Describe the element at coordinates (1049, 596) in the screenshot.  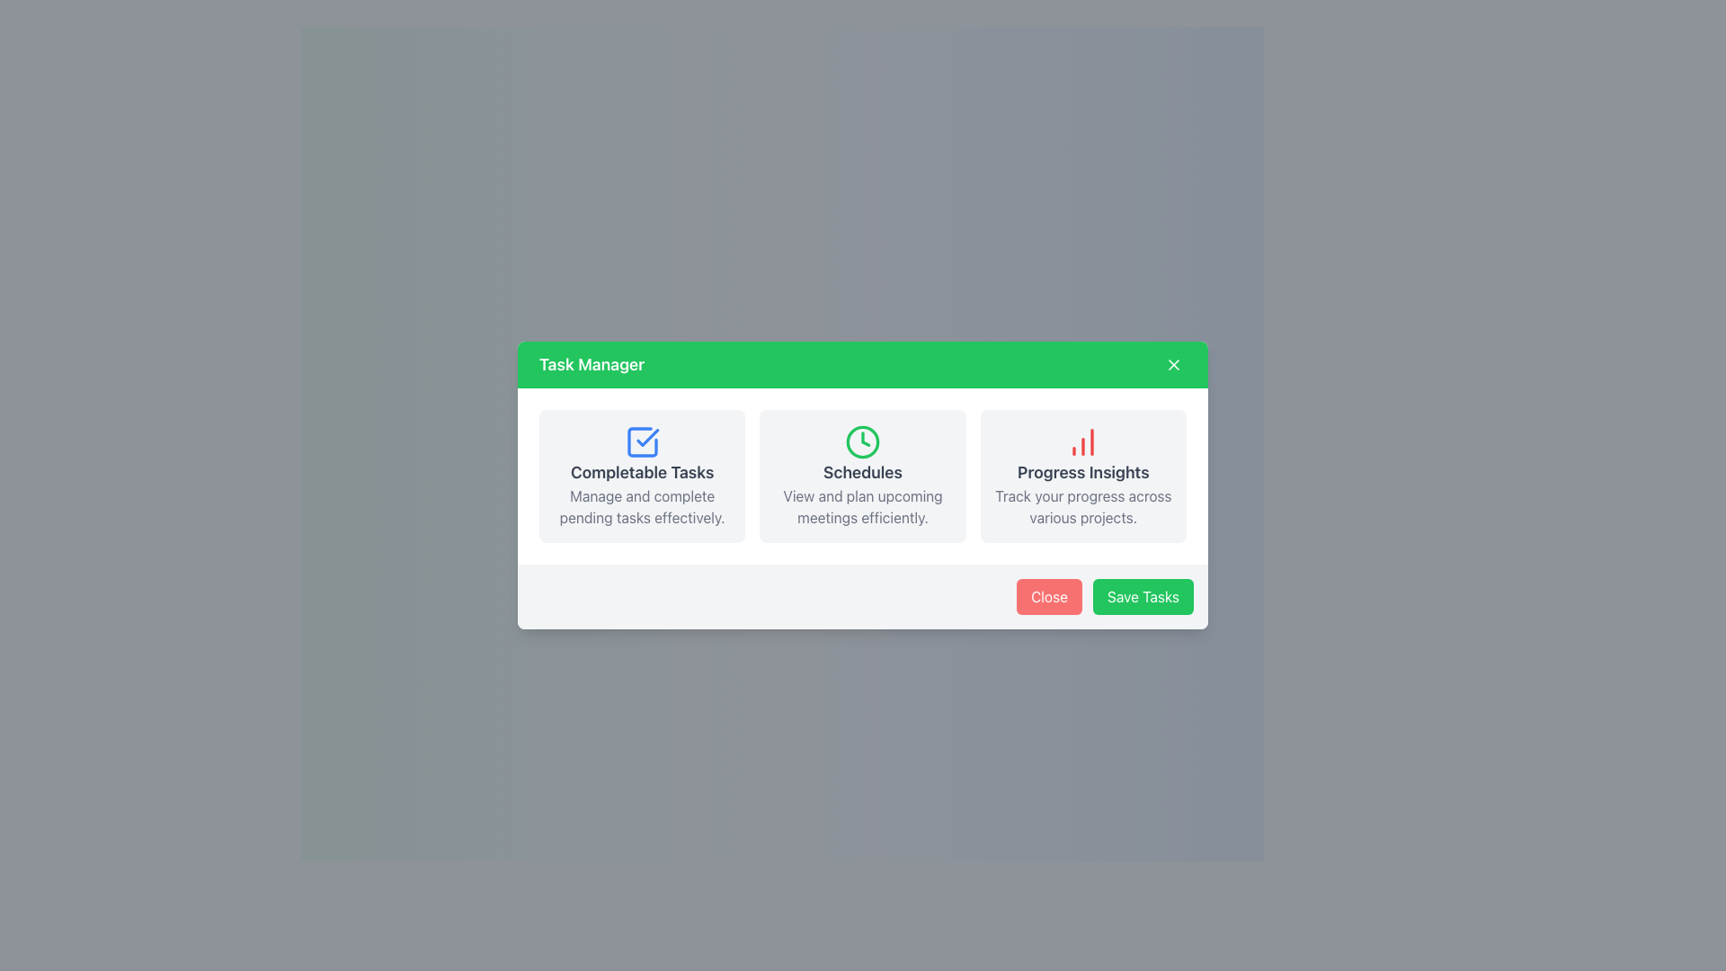
I see `the close button located in the lower-right section of the modal, specifically to the left of the 'Save Tasks' button, to trigger the hover effect` at that location.